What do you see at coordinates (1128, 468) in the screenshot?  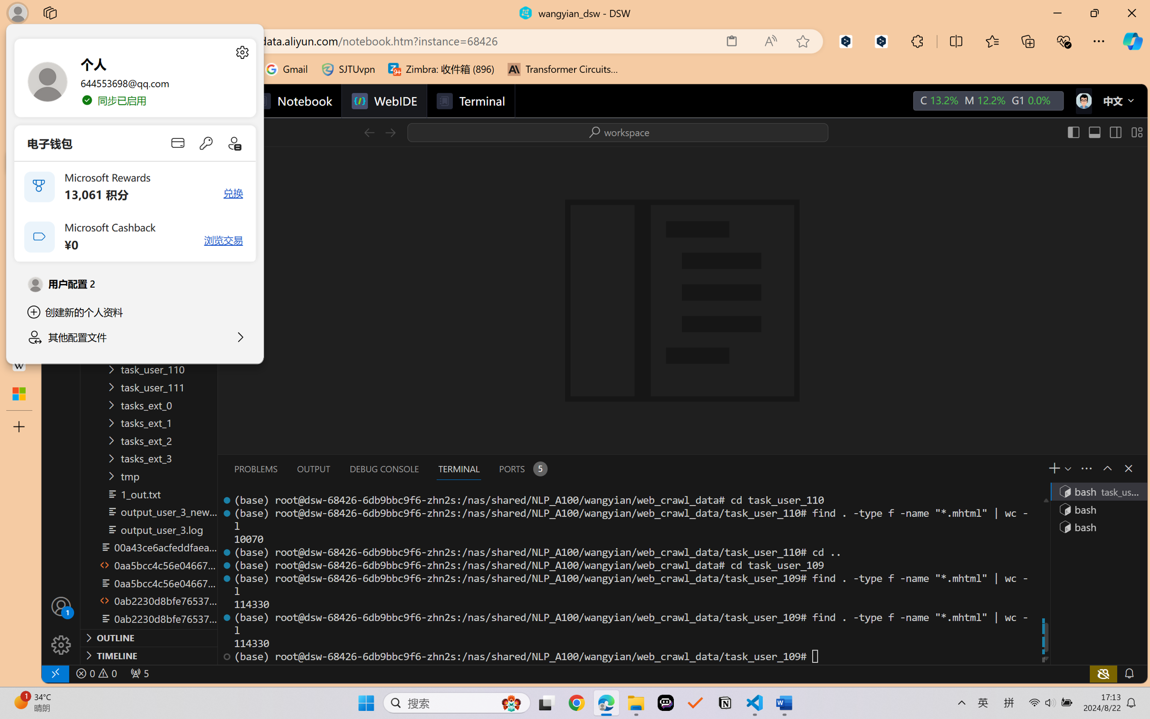 I see `'Close Panel'` at bounding box center [1128, 468].